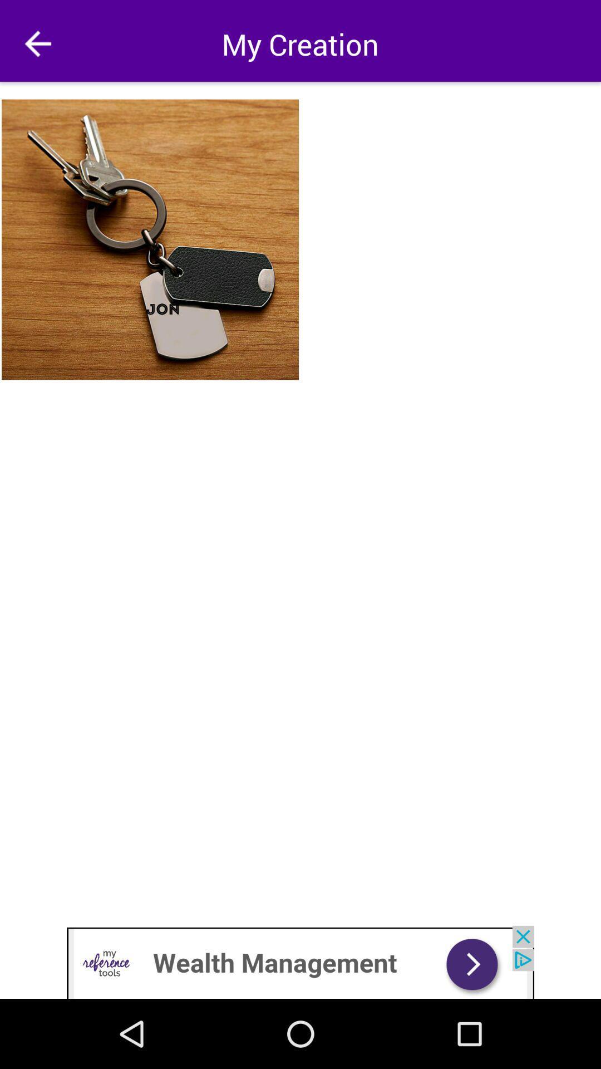 The image size is (601, 1069). I want to click on key image, so click(151, 239).